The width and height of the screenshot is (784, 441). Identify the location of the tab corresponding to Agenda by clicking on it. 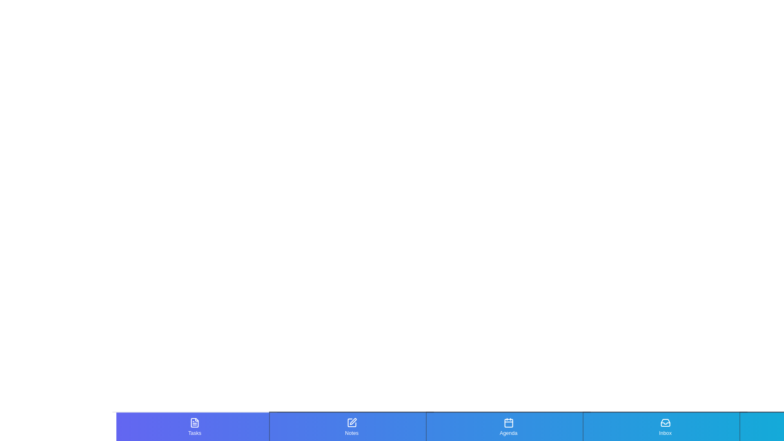
(508, 426).